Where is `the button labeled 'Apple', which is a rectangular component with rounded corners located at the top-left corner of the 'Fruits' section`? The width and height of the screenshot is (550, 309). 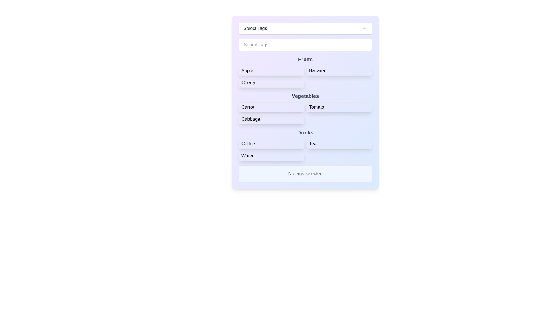
the button labeled 'Apple', which is a rectangular component with rounded corners located at the top-left corner of the 'Fruits' section is located at coordinates (271, 70).